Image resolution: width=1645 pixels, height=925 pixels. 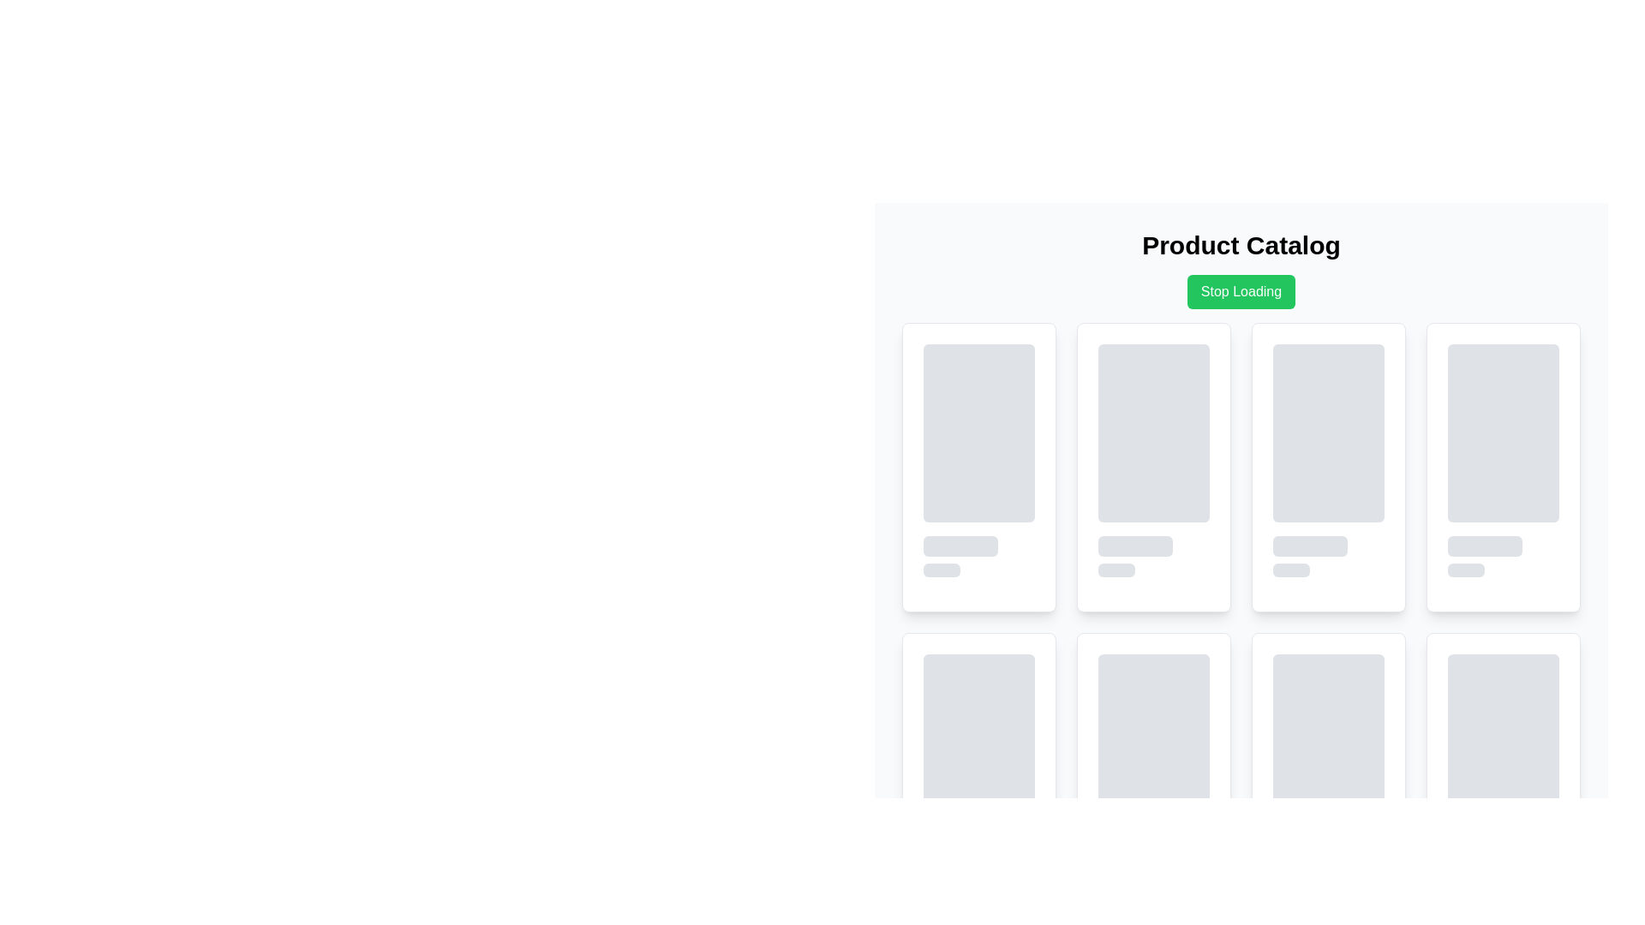 I want to click on the Placeholder component located in the first card from the left in the first row of a grid-like arrangement, which serves as a placeholder for content yet to be loaded, so click(x=978, y=459).